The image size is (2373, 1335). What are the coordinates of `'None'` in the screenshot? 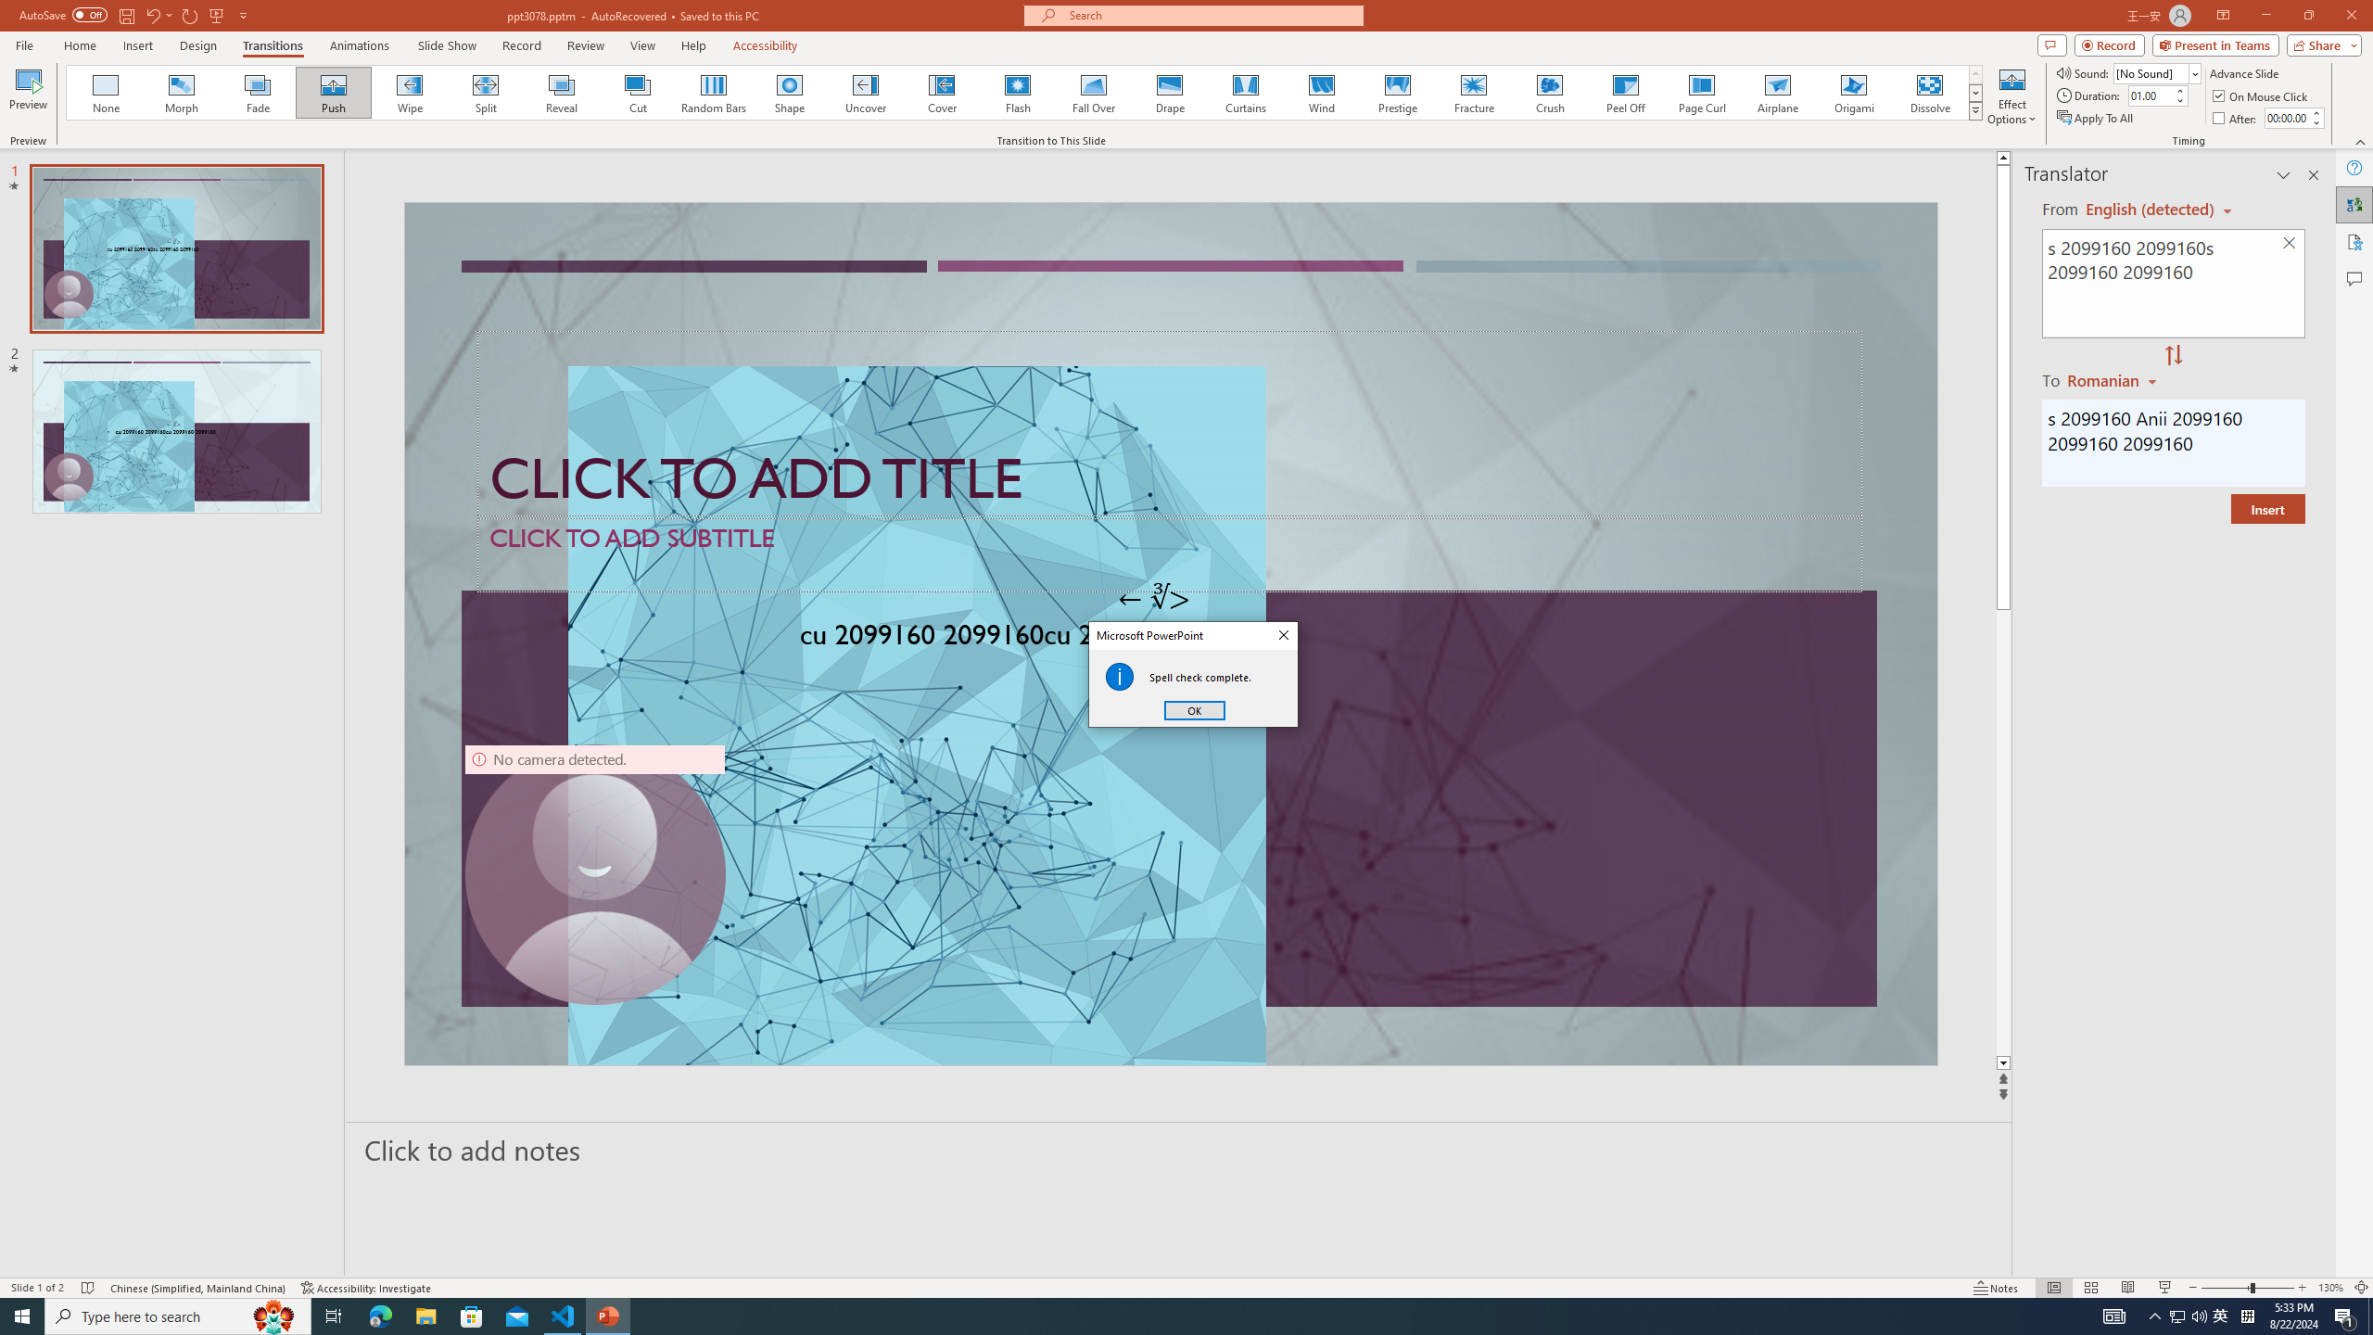 It's located at (106, 92).